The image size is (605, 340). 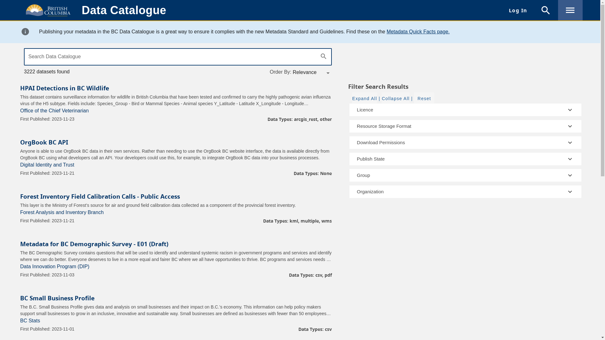 What do you see at coordinates (62, 212) in the screenshot?
I see `'Forest Analysis and Inventory Branch'` at bounding box center [62, 212].